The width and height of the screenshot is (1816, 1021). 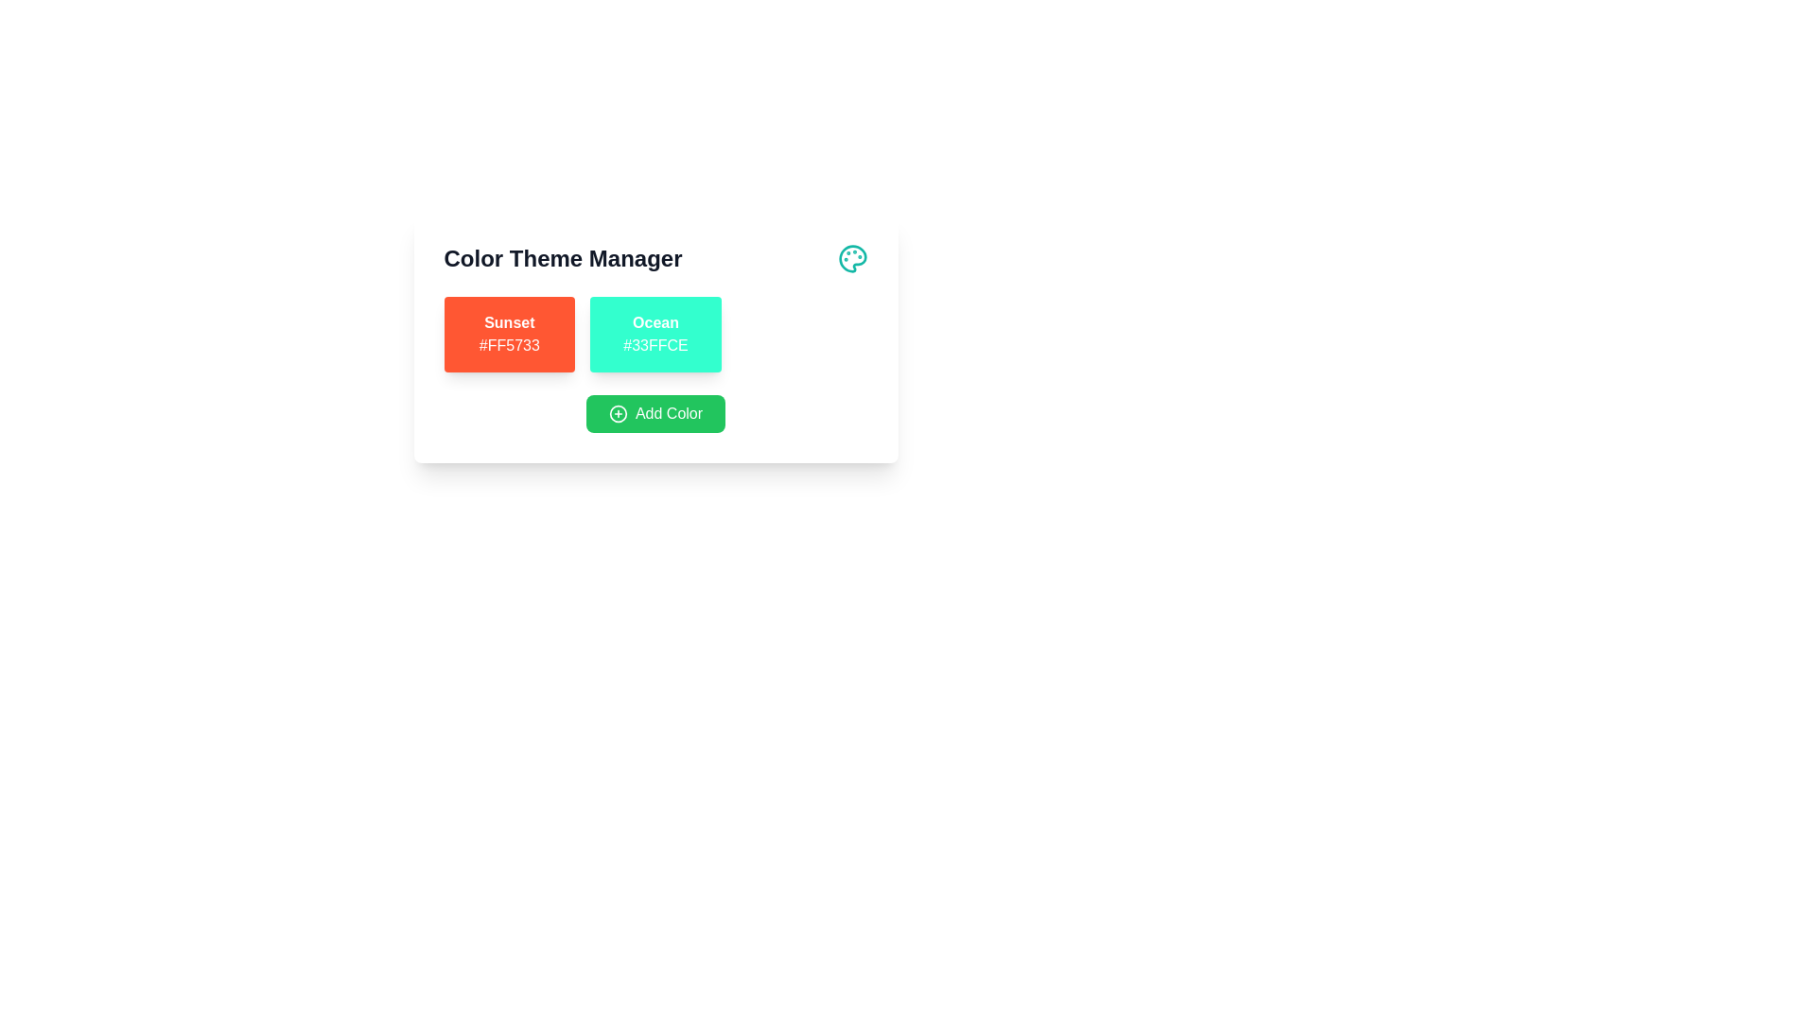 I want to click on the decorative circular icon element that is part of the 'Add Color' button, located below the 'Sunset' and 'Ocean' color rectangles in the 'Color Theme Manager' card, so click(x=618, y=413).